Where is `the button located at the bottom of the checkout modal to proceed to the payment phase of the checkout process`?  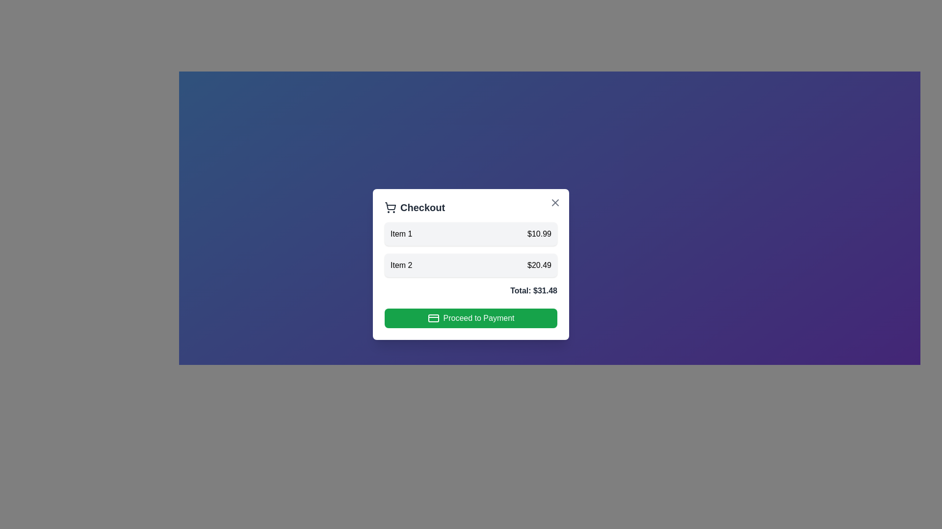
the button located at the bottom of the checkout modal to proceed to the payment phase of the checkout process is located at coordinates (471, 318).